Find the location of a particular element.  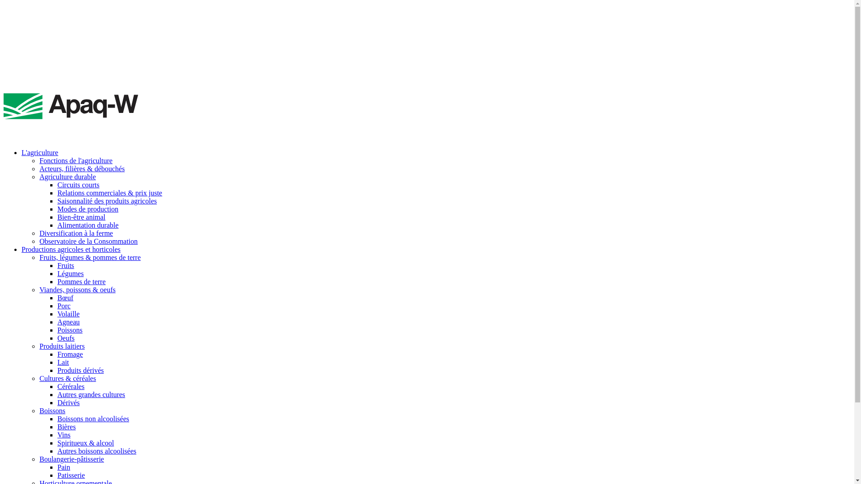

'L'agriculture' is located at coordinates (39, 152).